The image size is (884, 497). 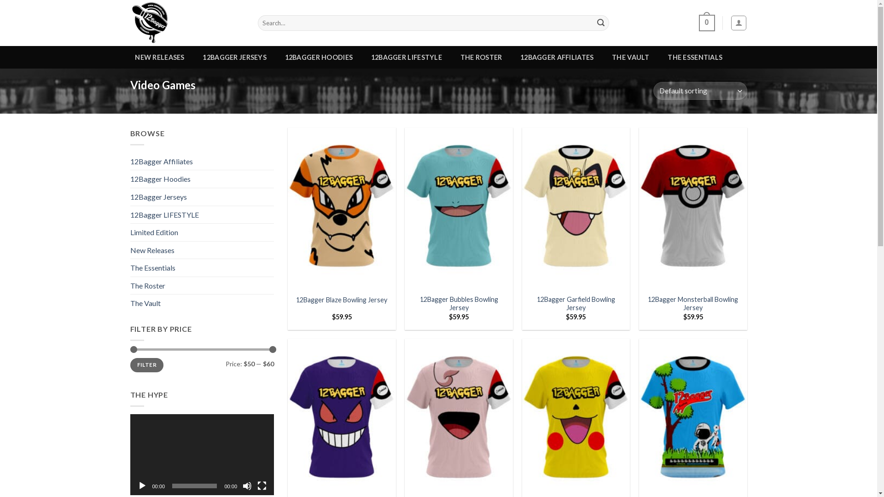 What do you see at coordinates (141, 485) in the screenshot?
I see `'Play'` at bounding box center [141, 485].